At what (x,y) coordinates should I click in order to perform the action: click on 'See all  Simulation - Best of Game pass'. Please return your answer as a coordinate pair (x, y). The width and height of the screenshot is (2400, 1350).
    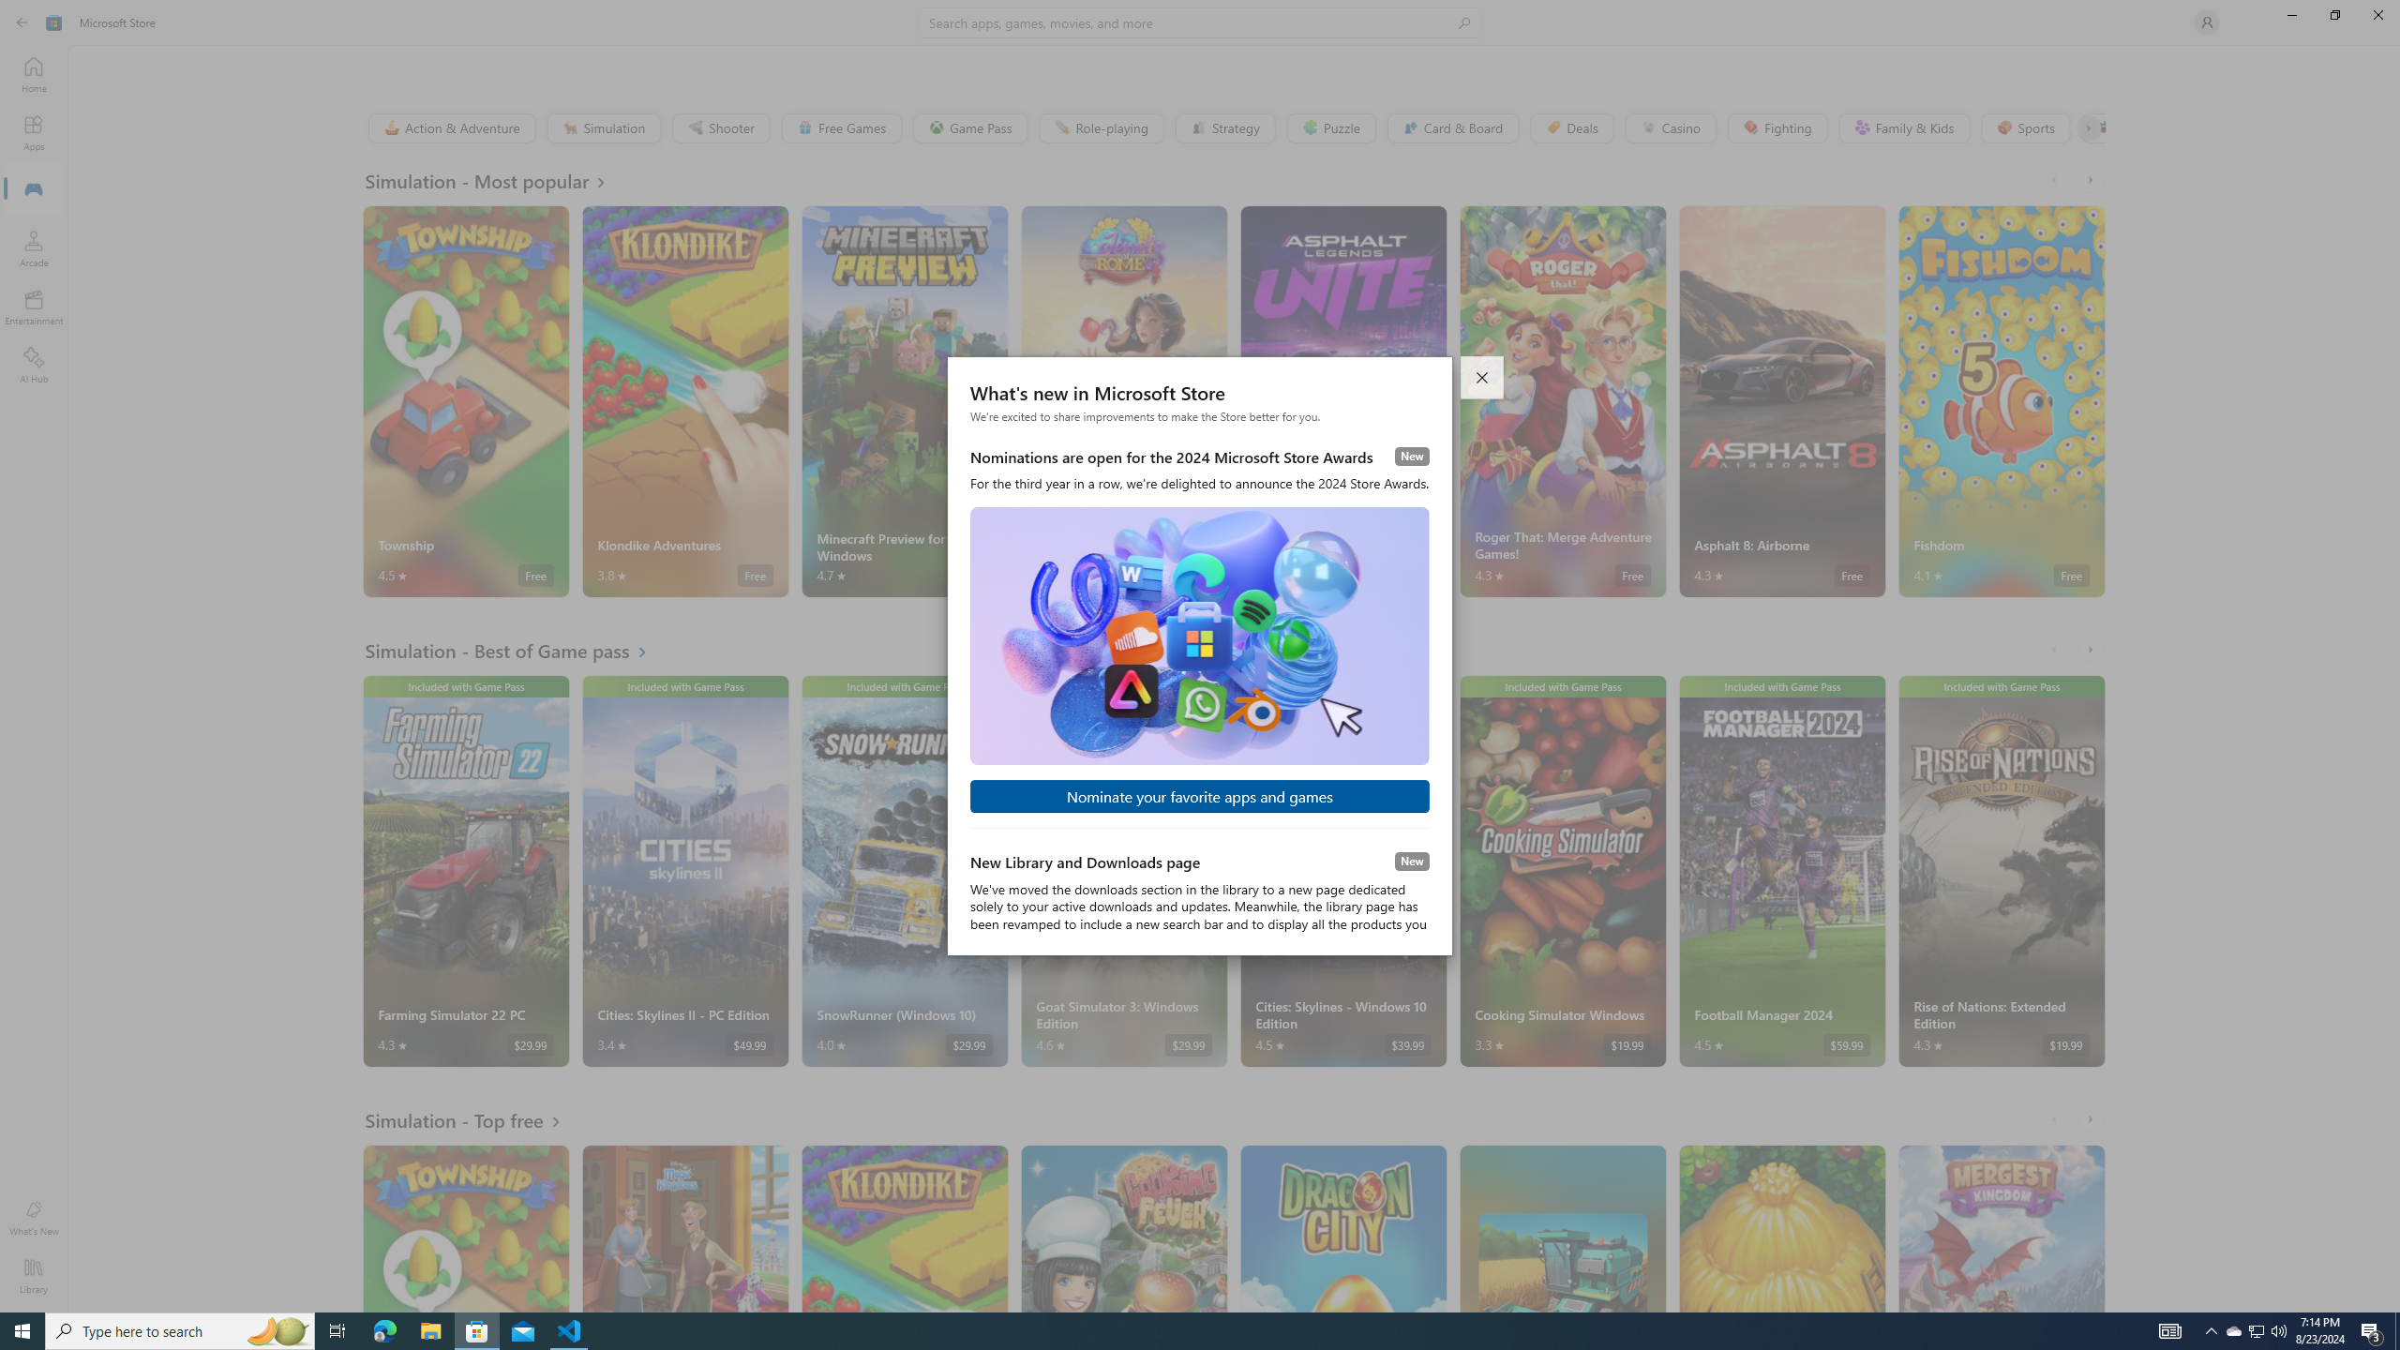
    Looking at the image, I should click on (516, 650).